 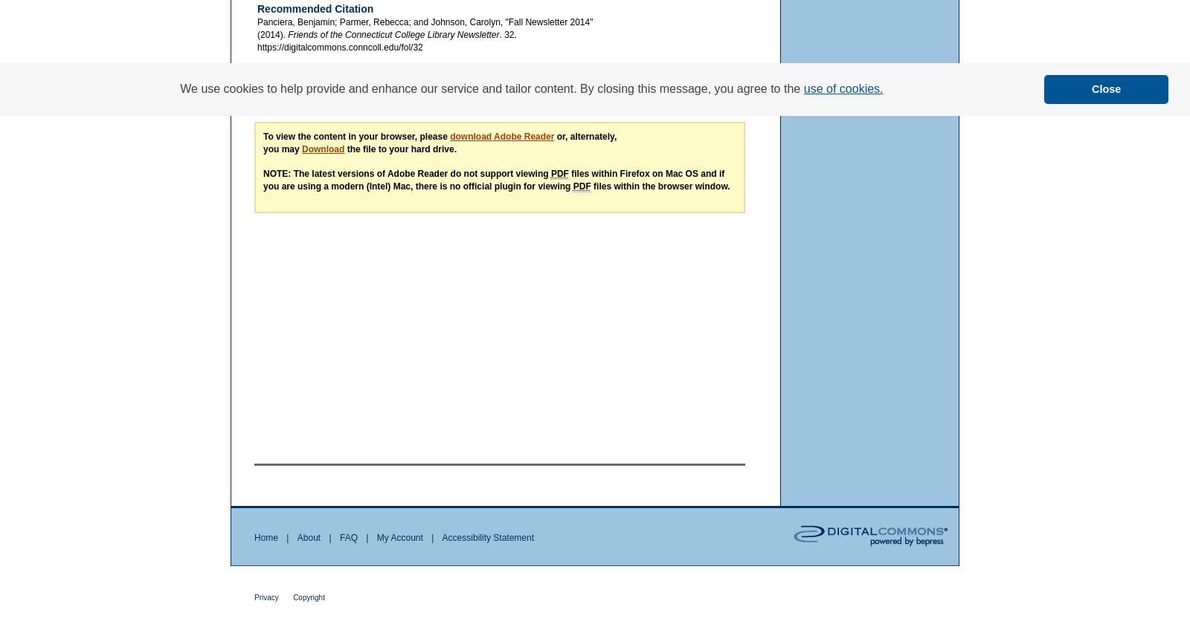 What do you see at coordinates (488, 536) in the screenshot?
I see `'Accessibility Statement'` at bounding box center [488, 536].